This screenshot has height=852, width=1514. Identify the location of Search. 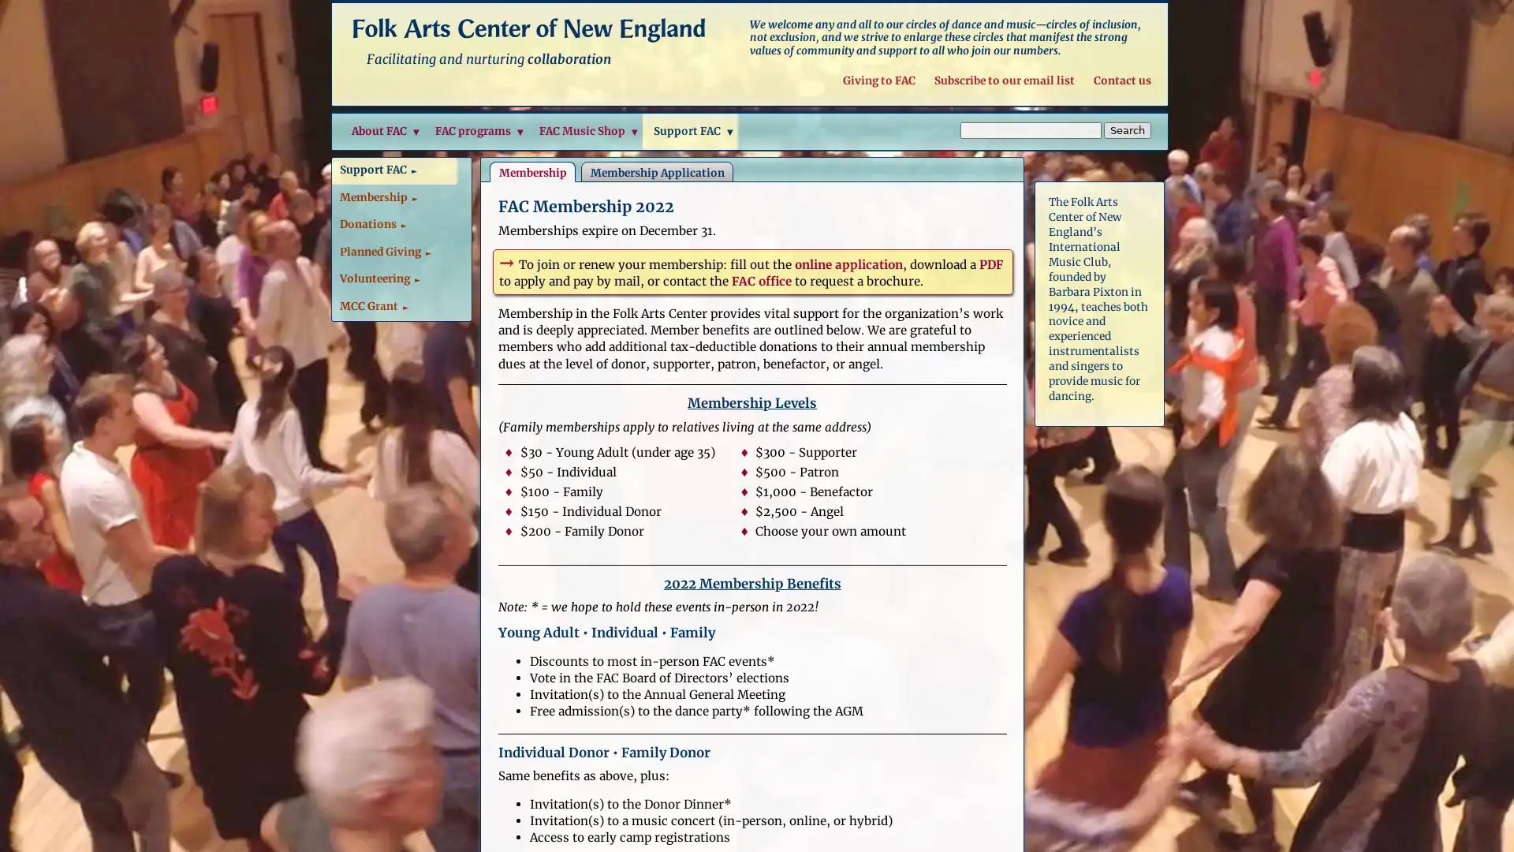
(1127, 129).